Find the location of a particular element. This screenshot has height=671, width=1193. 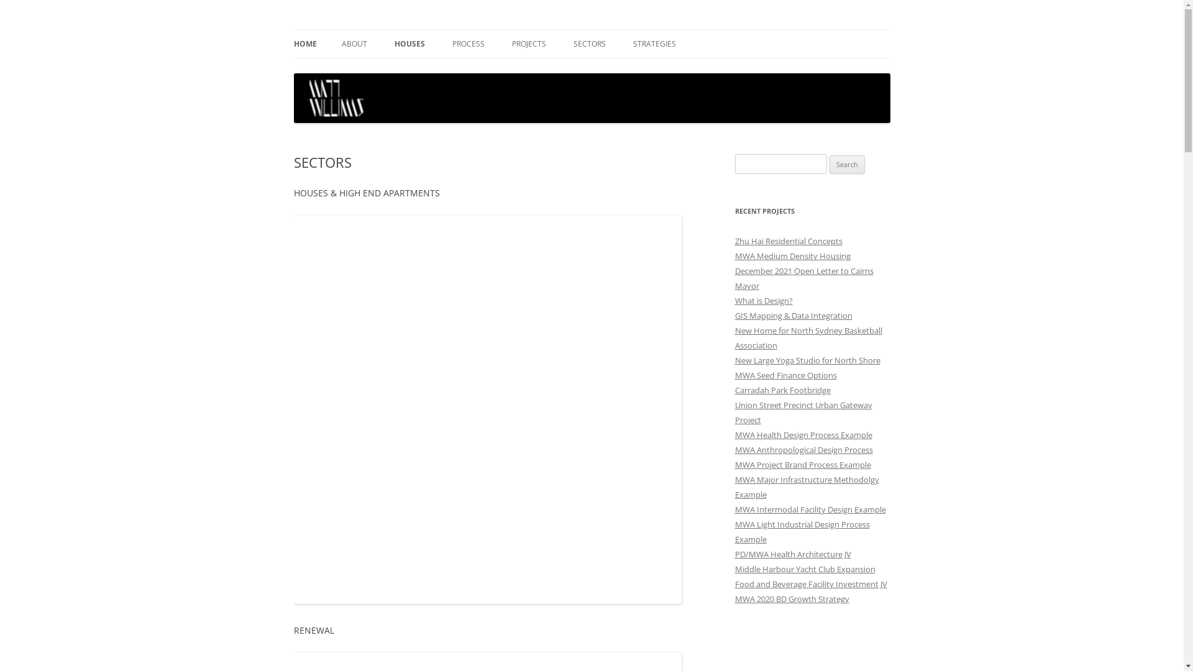

'PROJECTS' is located at coordinates (529, 43).